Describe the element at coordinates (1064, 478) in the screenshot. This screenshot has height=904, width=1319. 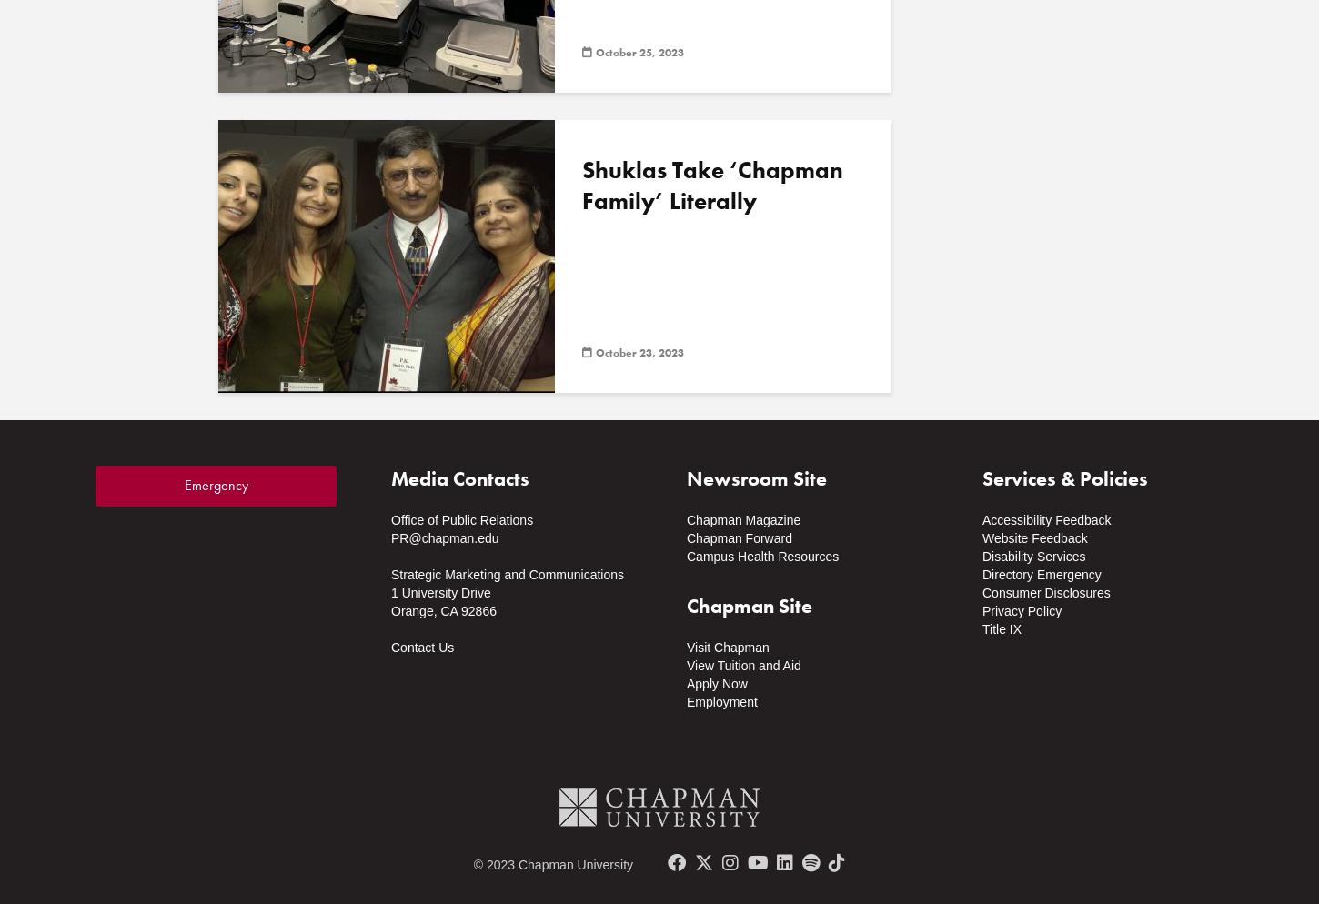
I see `'Services & Policies'` at that location.